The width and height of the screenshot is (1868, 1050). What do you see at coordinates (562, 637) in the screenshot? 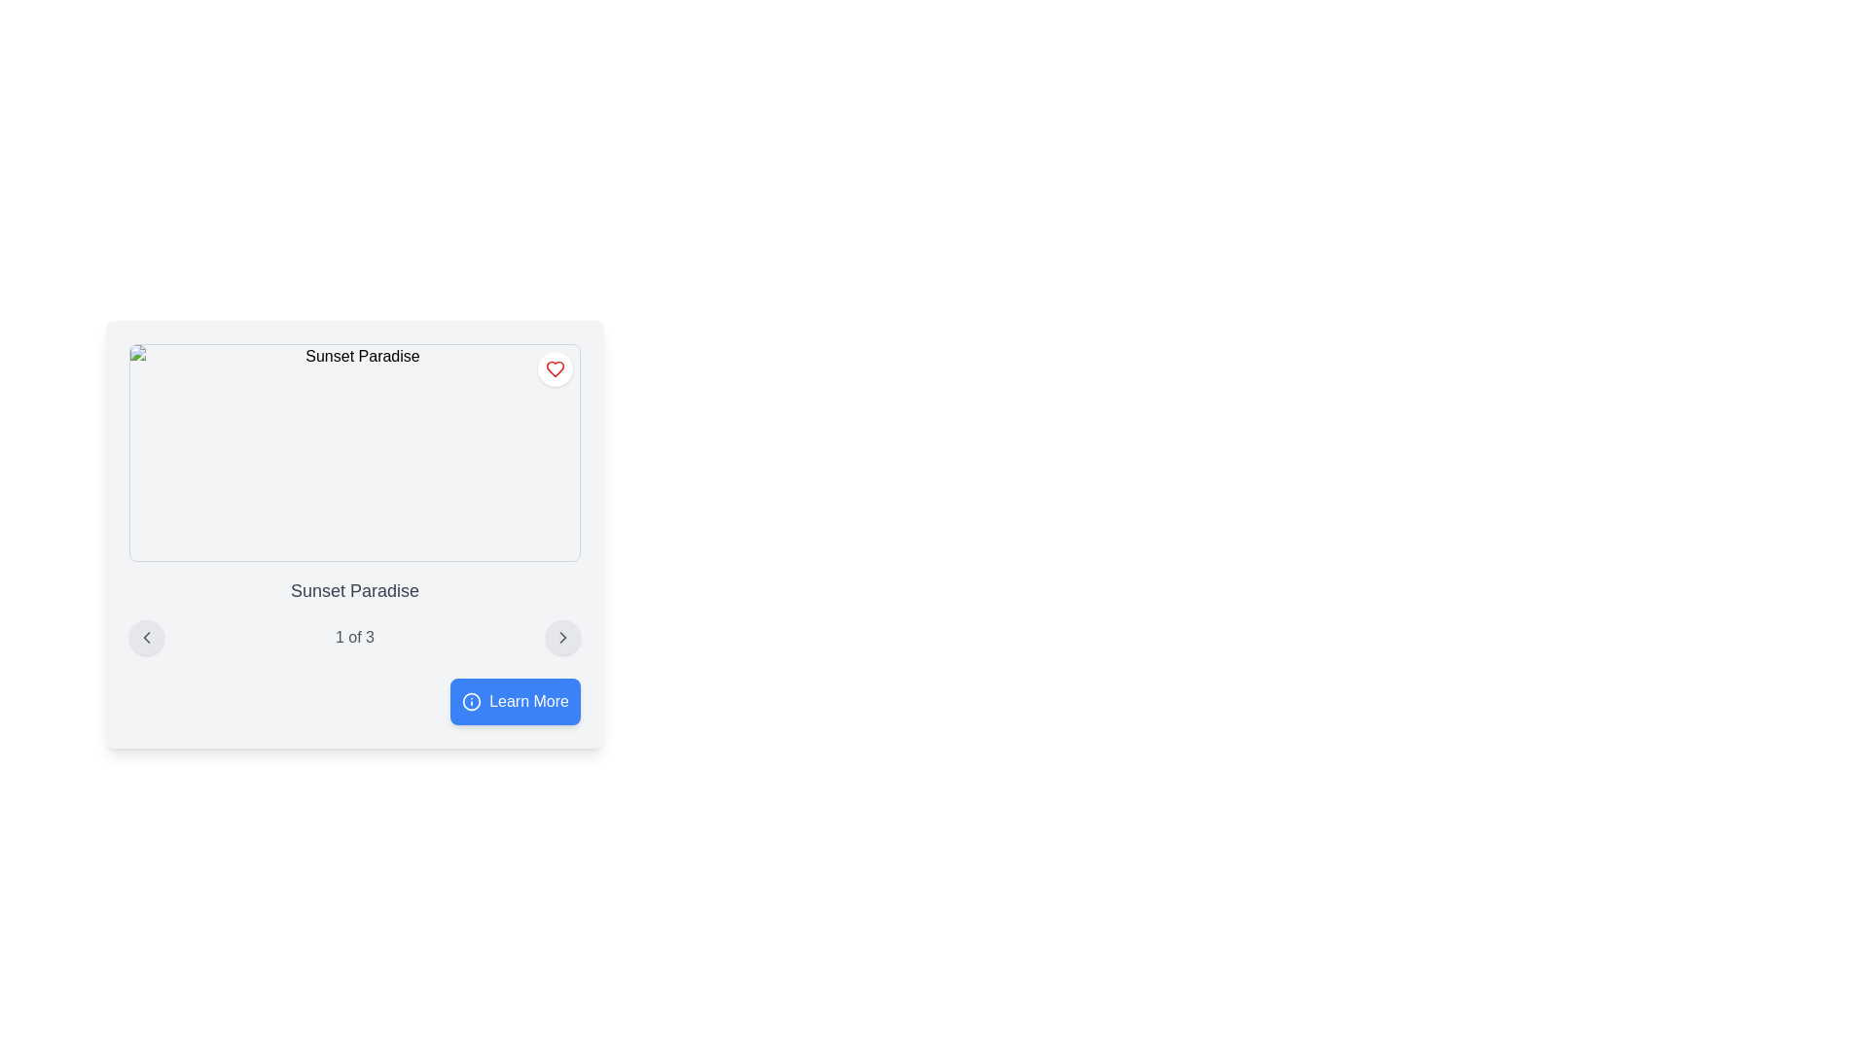
I see `the chevron icon located within the rounded circular button at the bottom-right corner of the card labeled 'Sunset Paradise'` at bounding box center [562, 637].